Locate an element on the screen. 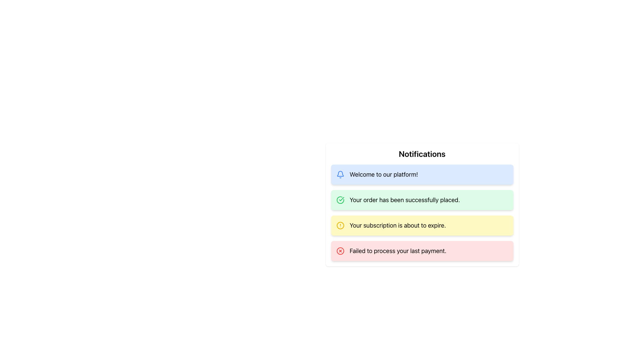  the 'Notifications' text label, which serves as a heading for the section informing users about the content below is located at coordinates (422, 154).